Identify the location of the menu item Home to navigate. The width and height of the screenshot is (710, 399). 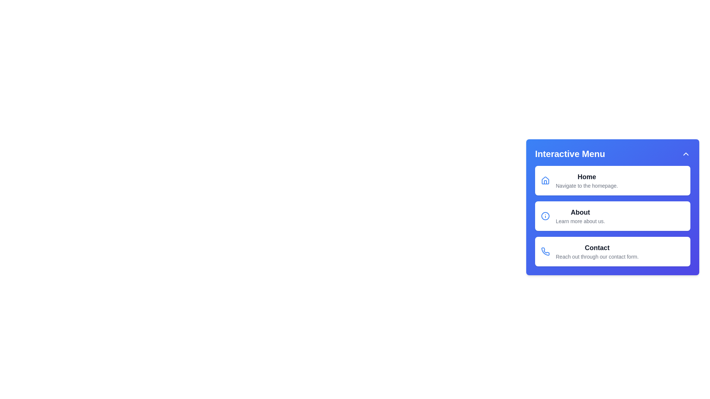
(612, 181).